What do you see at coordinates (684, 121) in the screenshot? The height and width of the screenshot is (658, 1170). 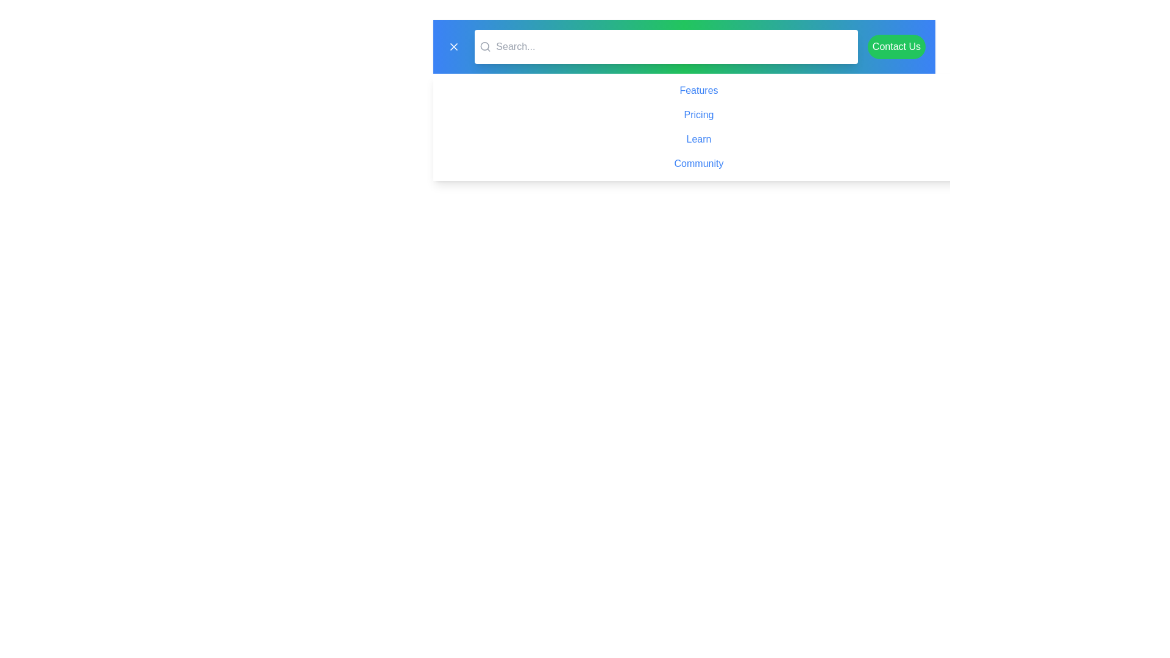 I see `the second hyperlink in the vertical list of links under the navigation area, located between the 'Features' and 'Learn' links` at bounding box center [684, 121].